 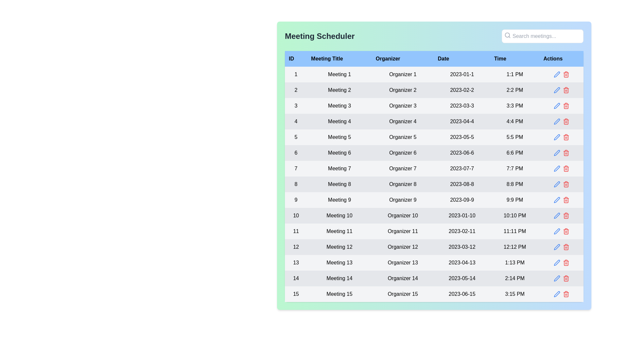 What do you see at coordinates (515, 74) in the screenshot?
I see `the text display showing the time '1:1 PM' in the table's first row, fifth column labeled 'Time'` at bounding box center [515, 74].